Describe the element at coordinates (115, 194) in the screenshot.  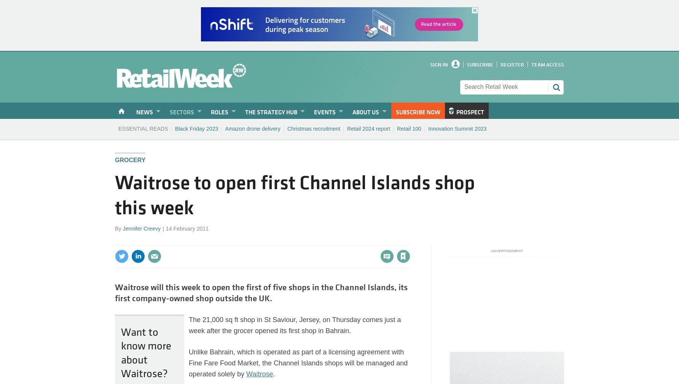
I see `'Waitrose to open first Channel Islands shop this week'` at that location.